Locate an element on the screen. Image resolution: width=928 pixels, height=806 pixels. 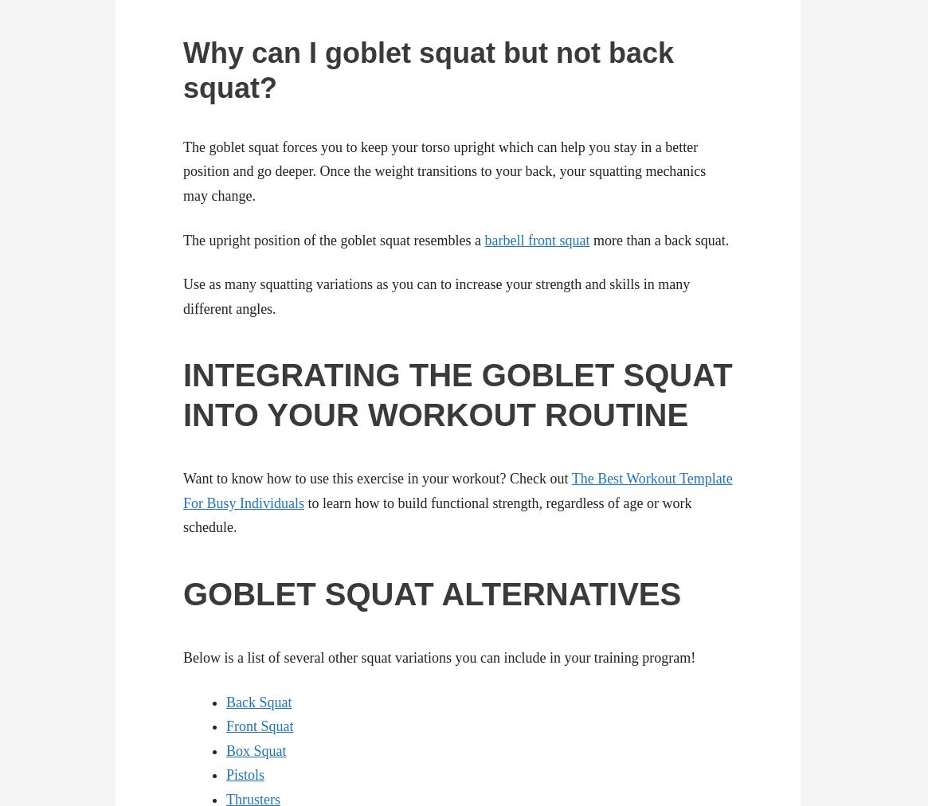
'Front Squat' is located at coordinates (259, 726).